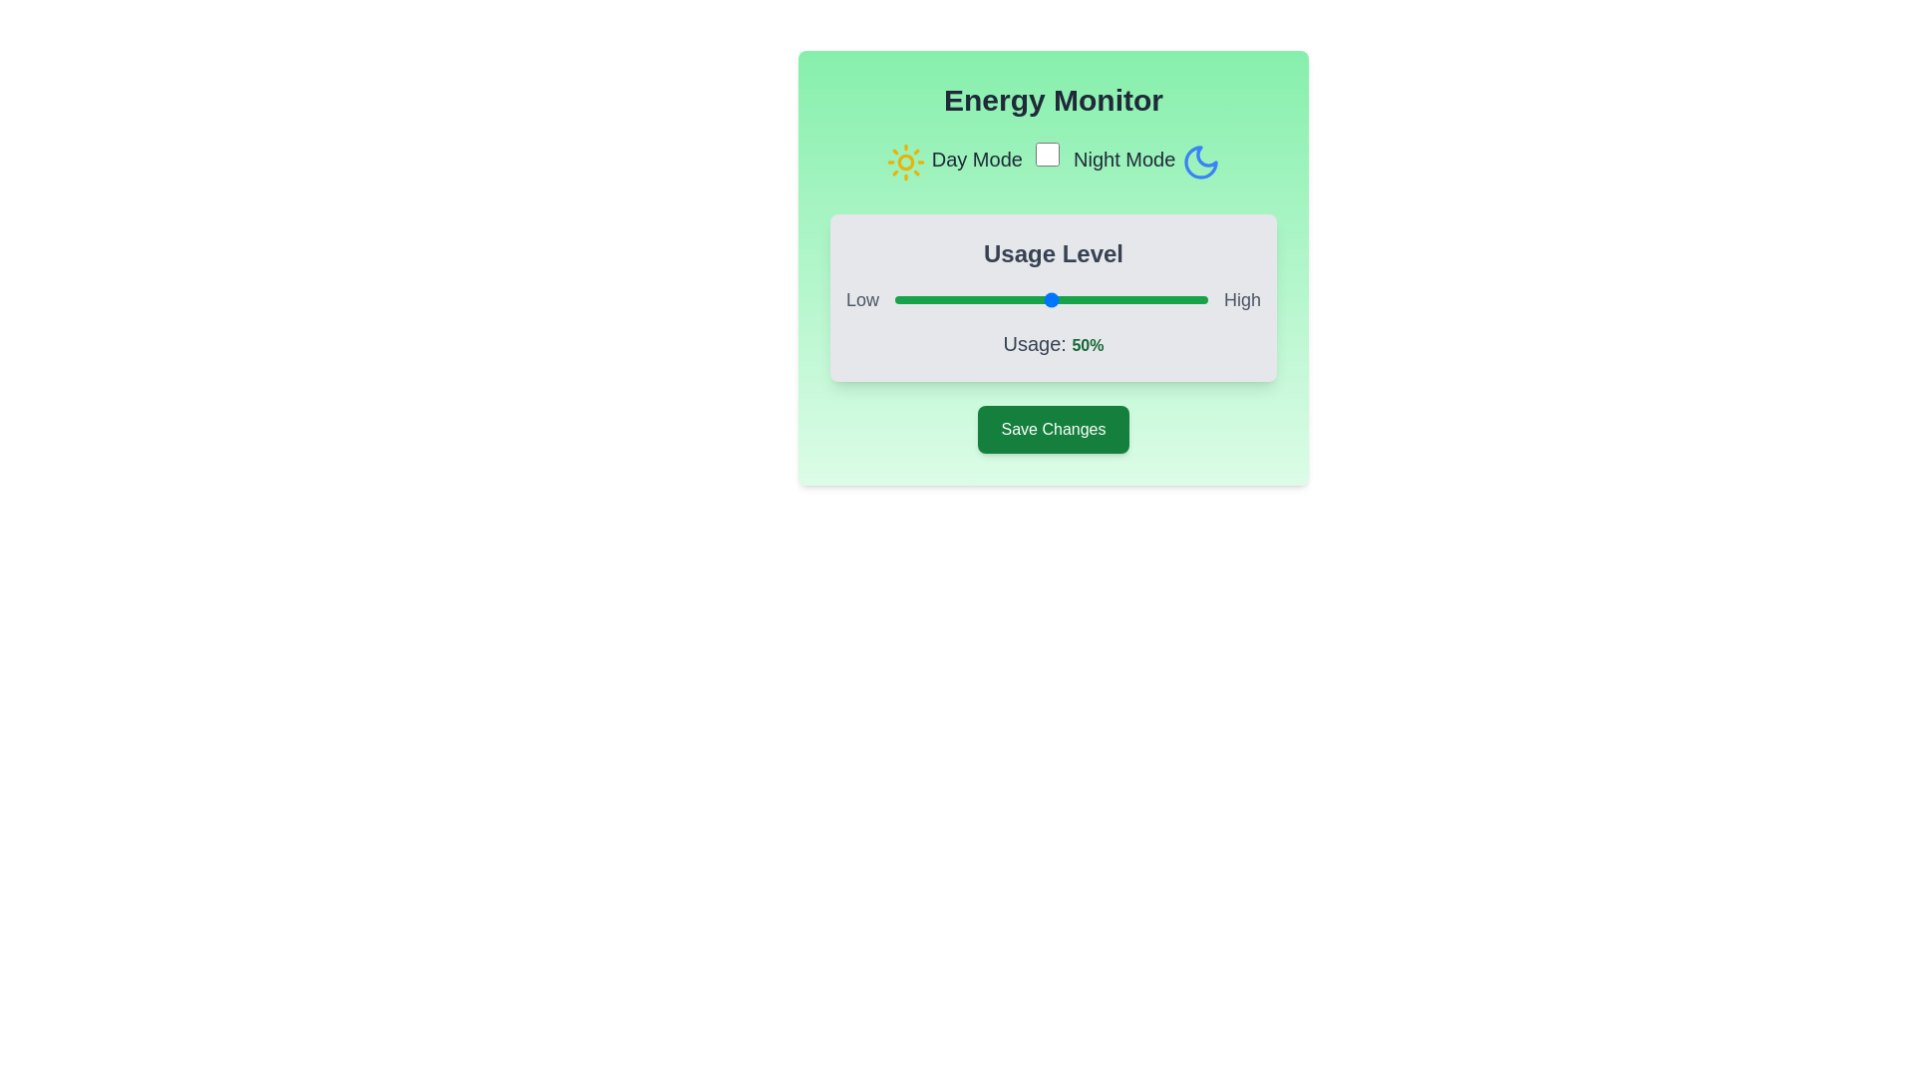 This screenshot has height=1077, width=1914. I want to click on the text element that indicates the current usage percentage, which is positioned to the right of 'Usage:' within the 'Usage Level' section, so click(1087, 344).